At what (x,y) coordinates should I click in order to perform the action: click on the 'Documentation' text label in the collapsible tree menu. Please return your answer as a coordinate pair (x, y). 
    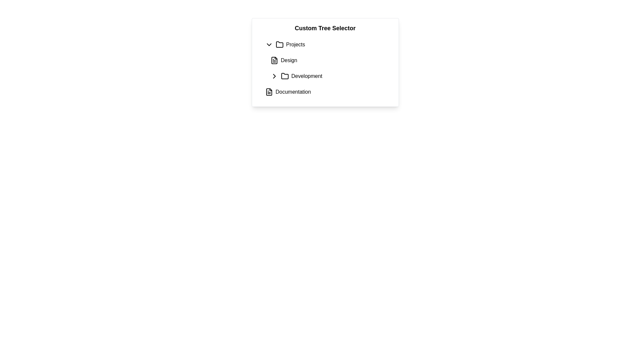
    Looking at the image, I should click on (293, 92).